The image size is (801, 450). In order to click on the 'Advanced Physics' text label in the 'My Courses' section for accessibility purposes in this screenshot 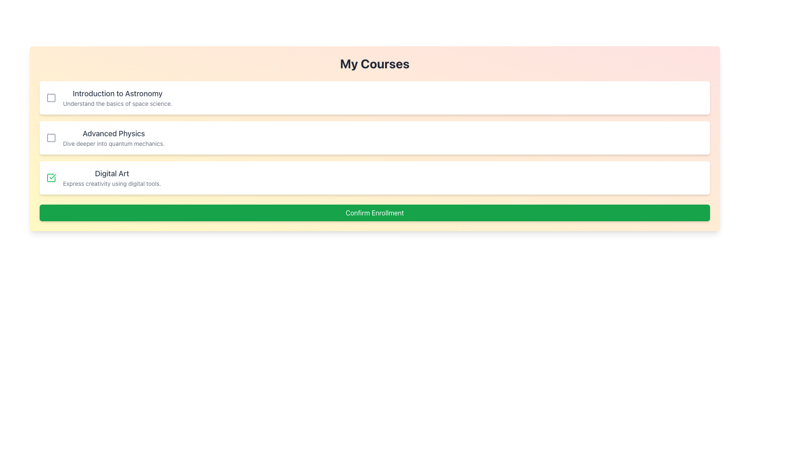, I will do `click(113, 133)`.